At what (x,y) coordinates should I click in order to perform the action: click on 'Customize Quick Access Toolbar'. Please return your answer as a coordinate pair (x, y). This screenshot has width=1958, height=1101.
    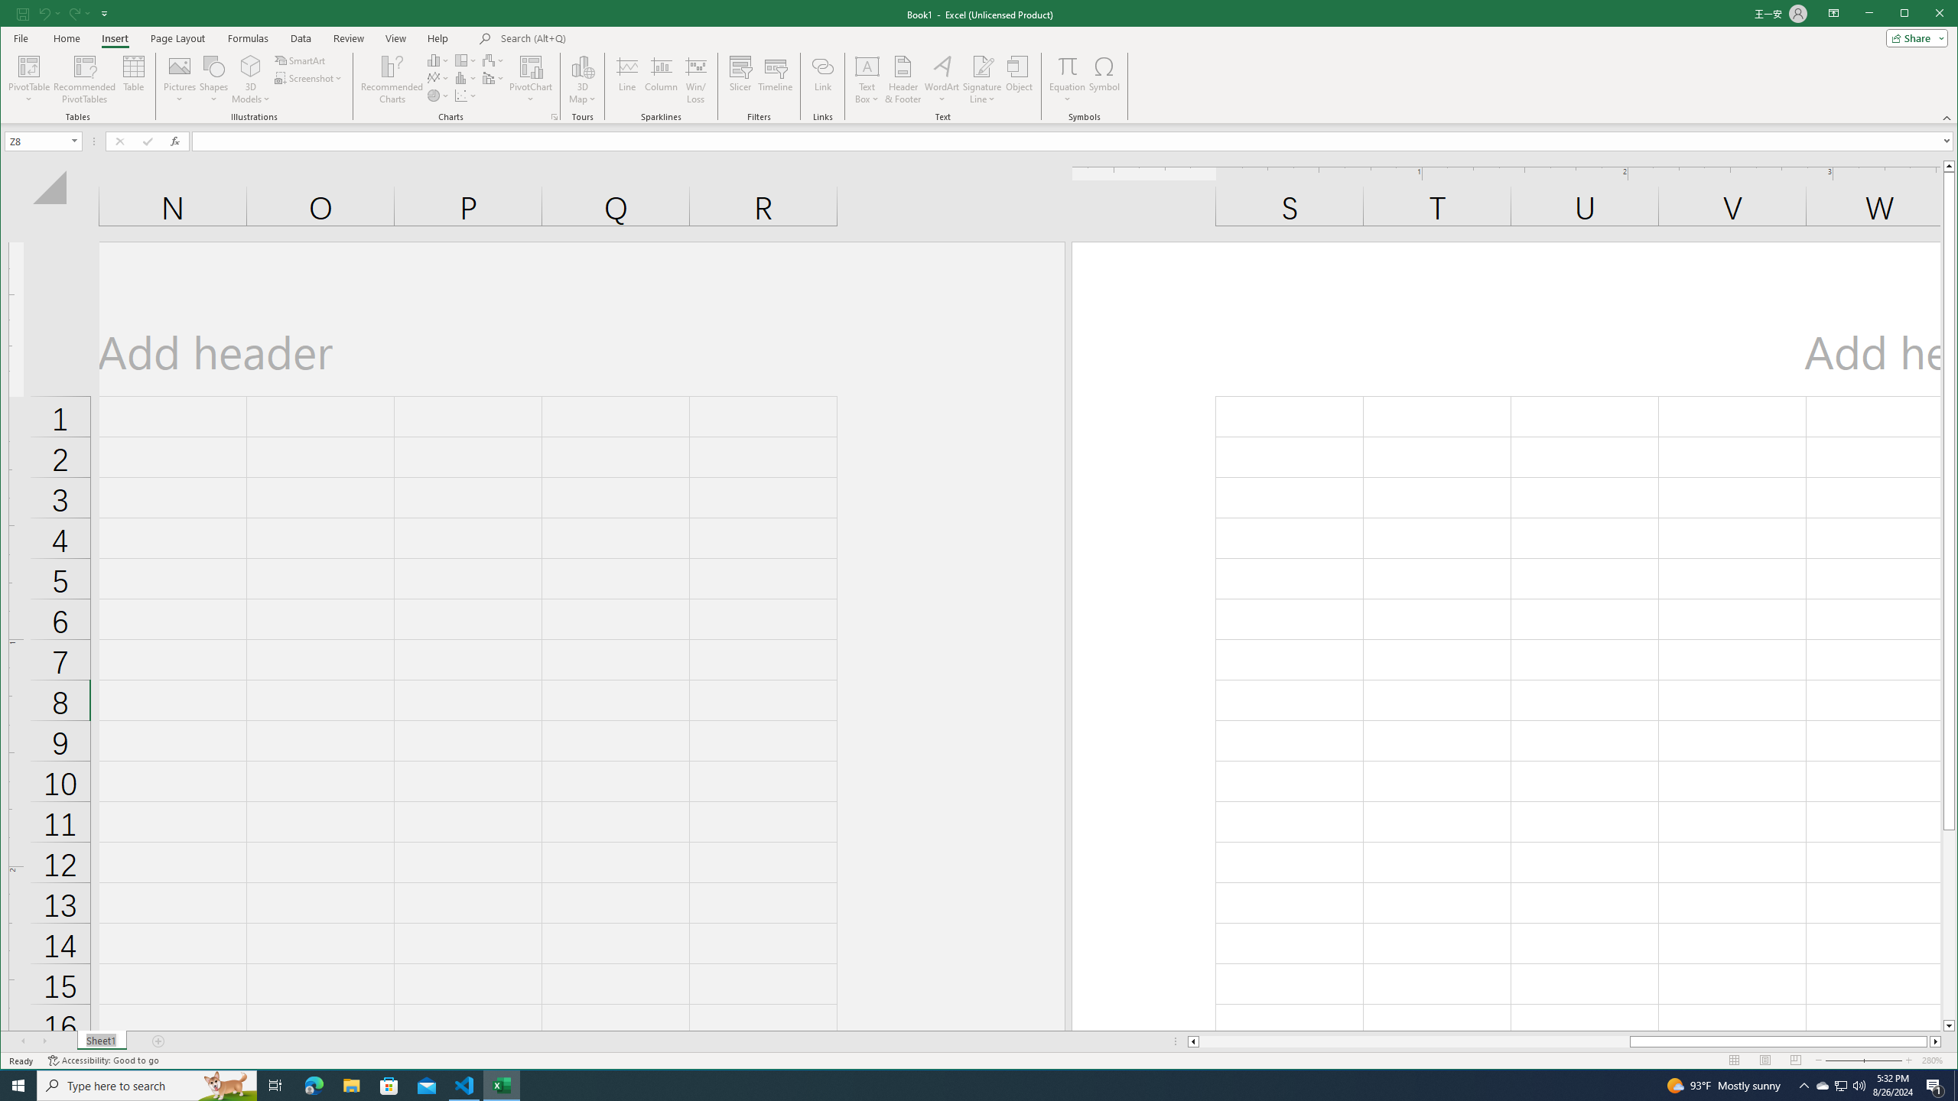
    Looking at the image, I should click on (103, 12).